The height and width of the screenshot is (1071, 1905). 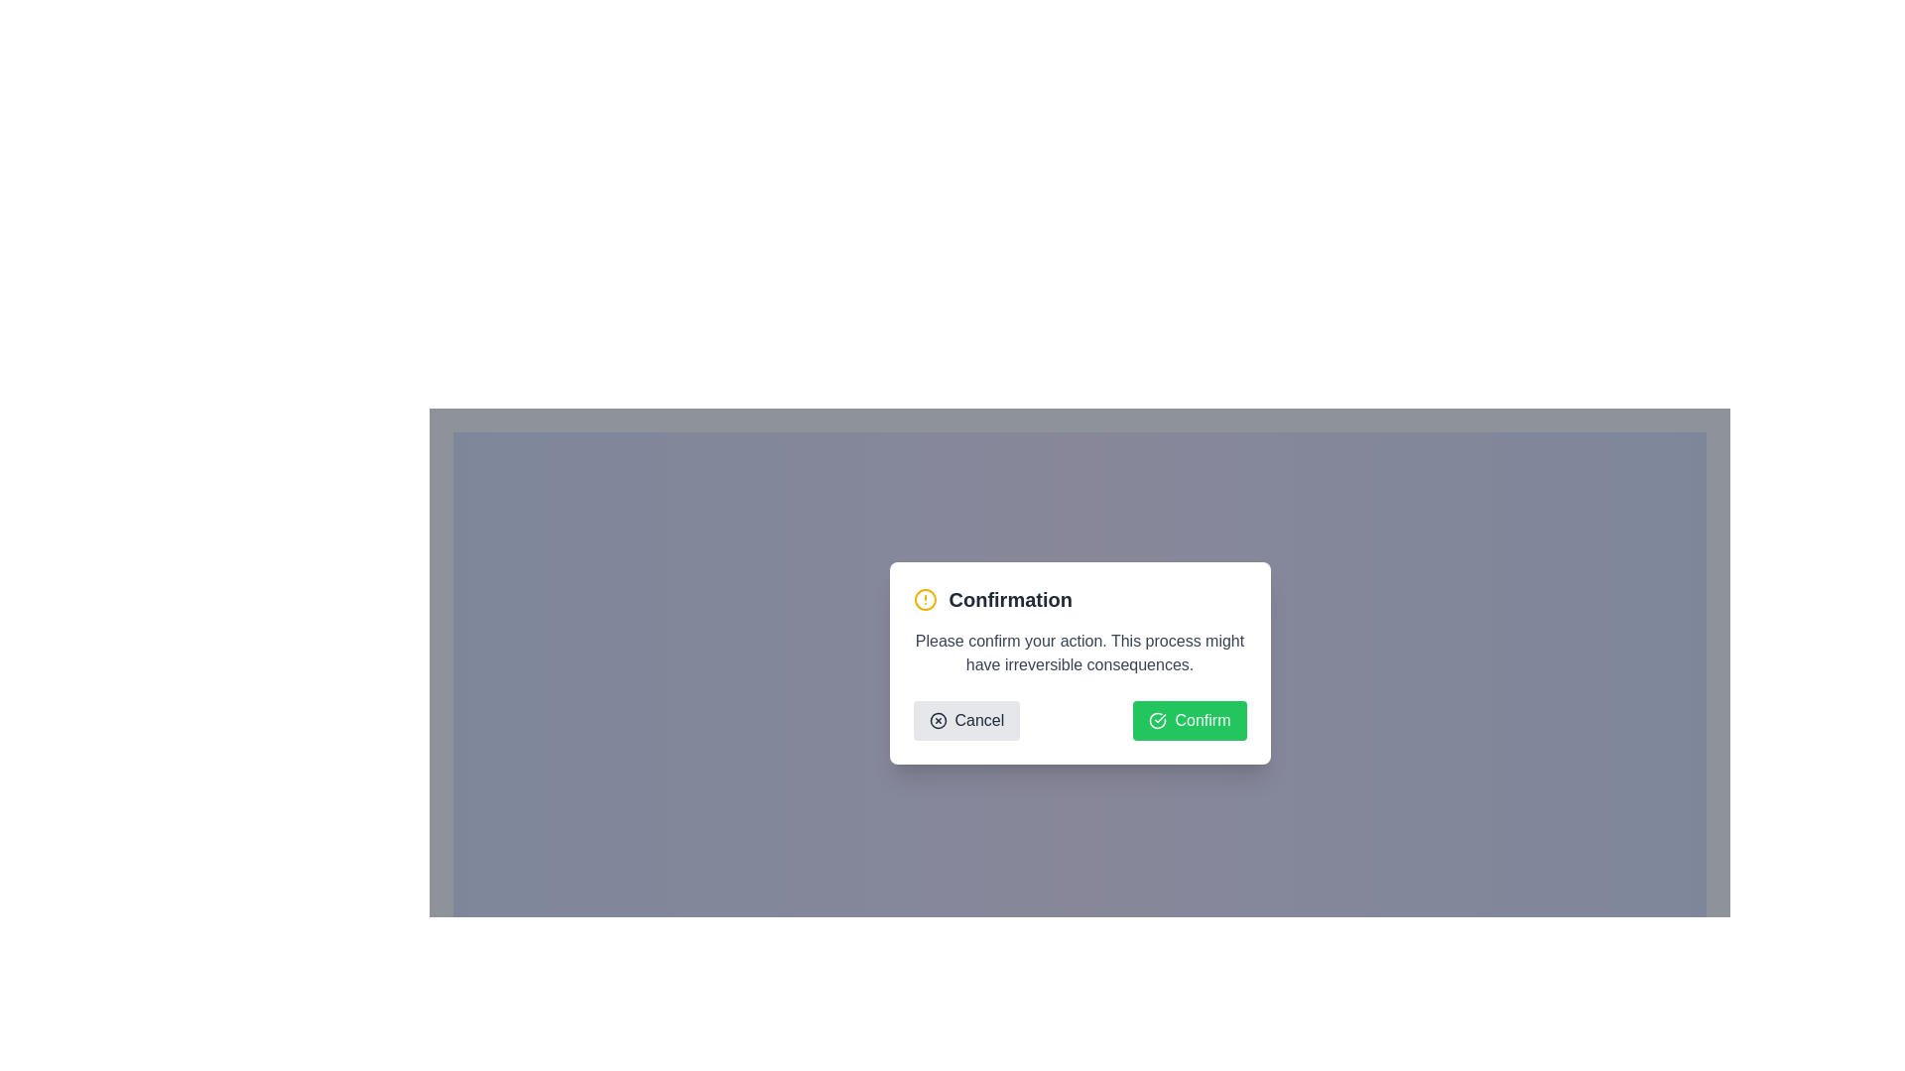 What do you see at coordinates (937, 720) in the screenshot?
I see `the circular icon with an 'X' mark inside it, which is positioned directly left of the 'Cancel' text within the button` at bounding box center [937, 720].